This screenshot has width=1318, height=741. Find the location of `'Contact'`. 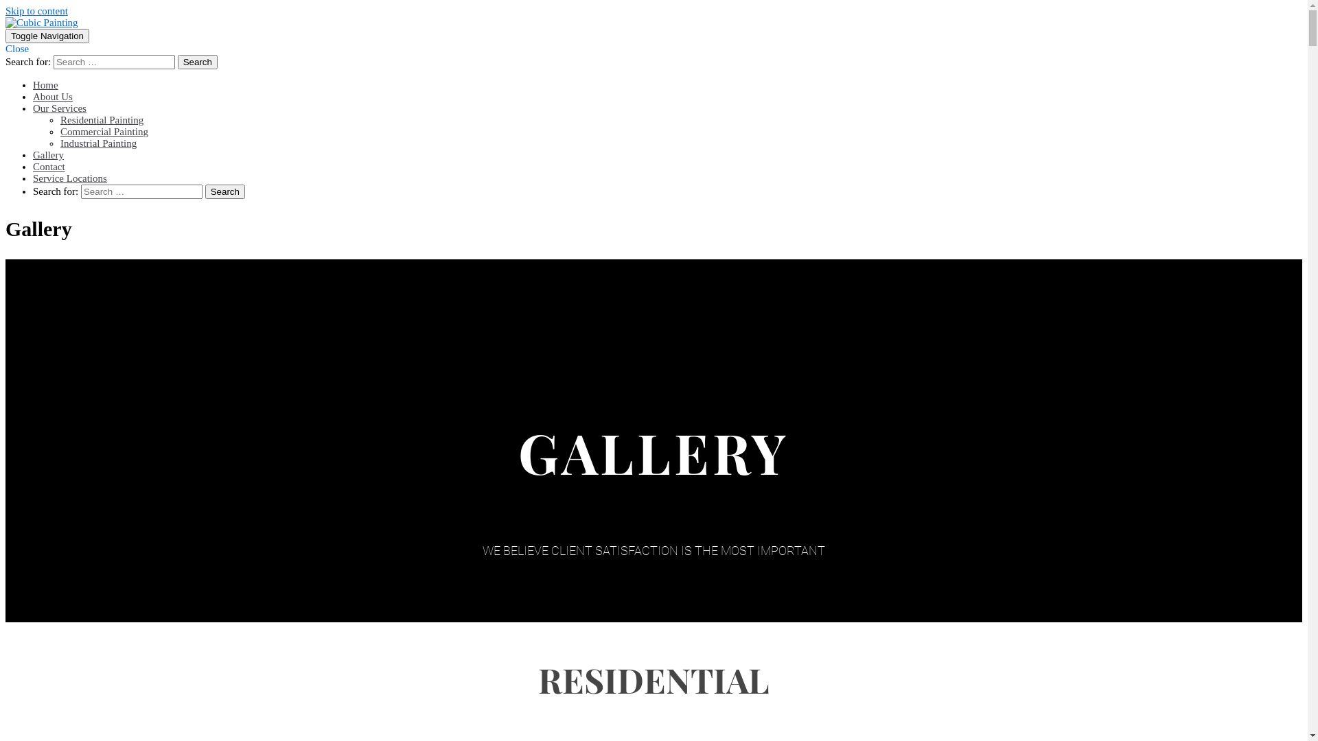

'Contact' is located at coordinates (49, 166).